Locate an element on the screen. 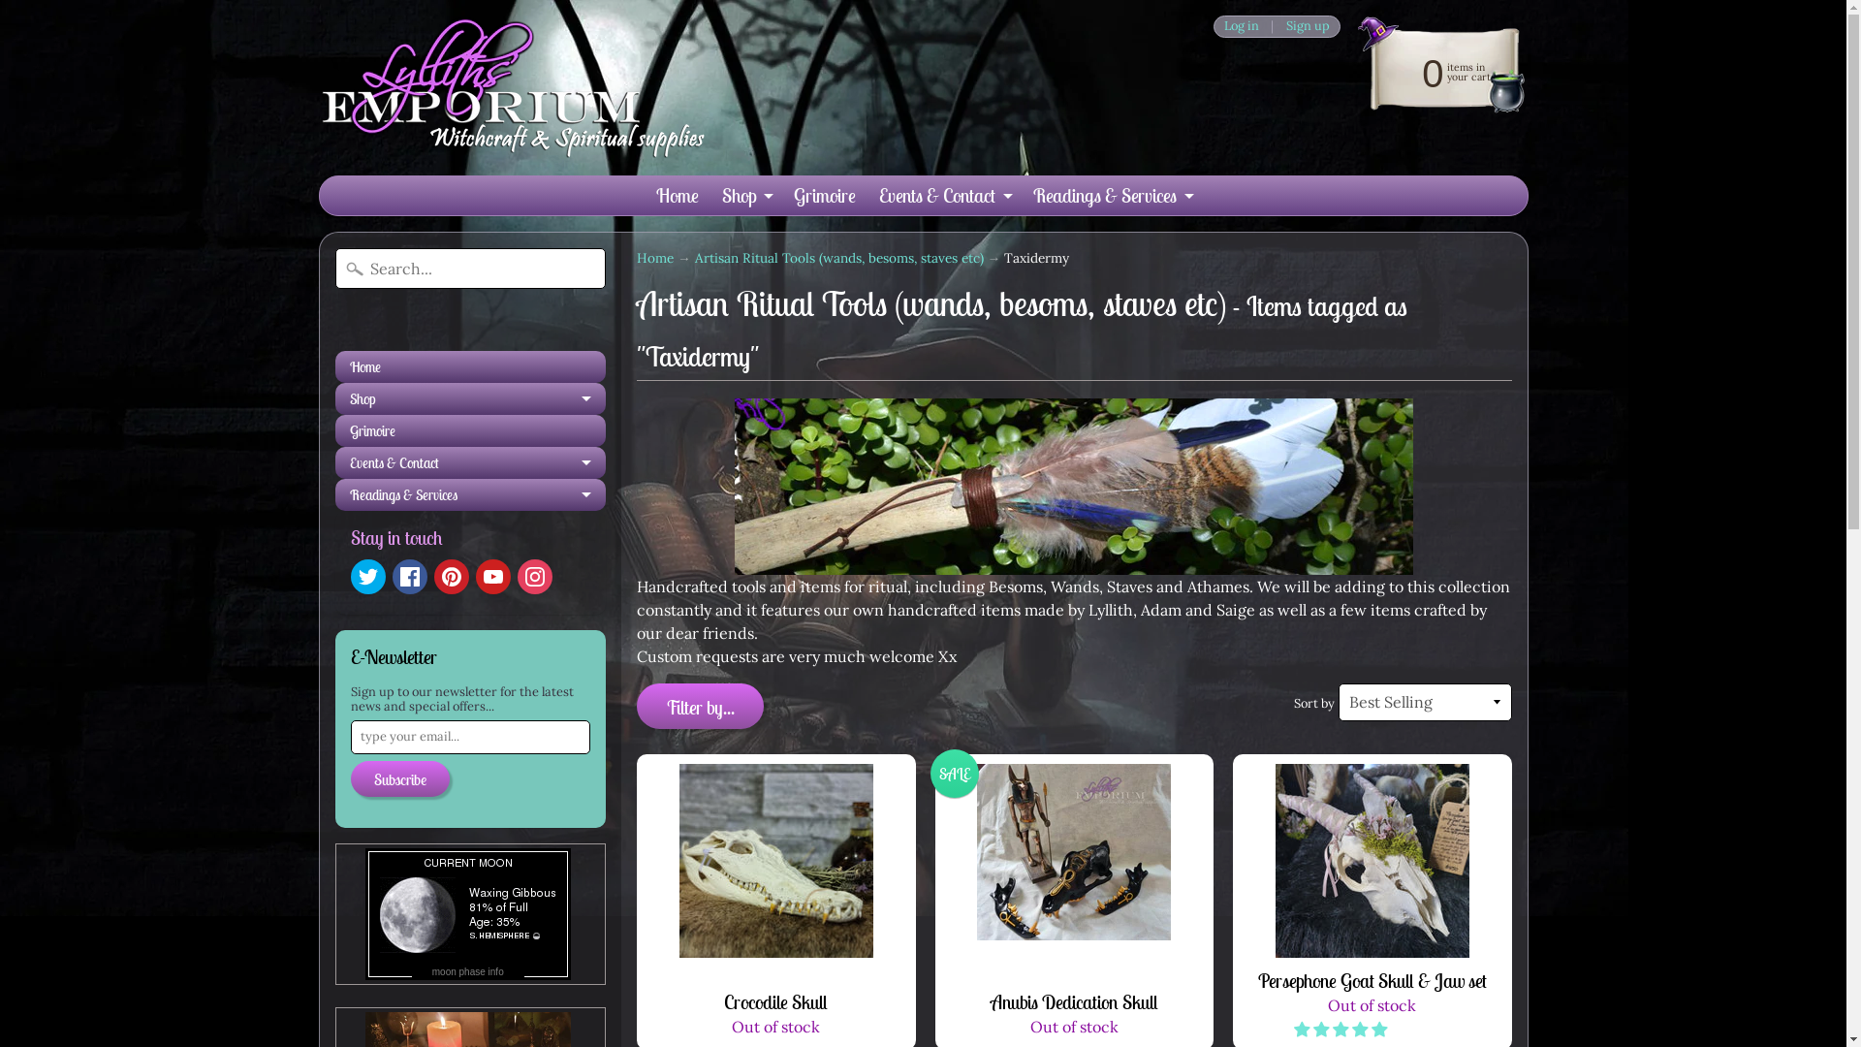  'Shop' is located at coordinates (743, 195).